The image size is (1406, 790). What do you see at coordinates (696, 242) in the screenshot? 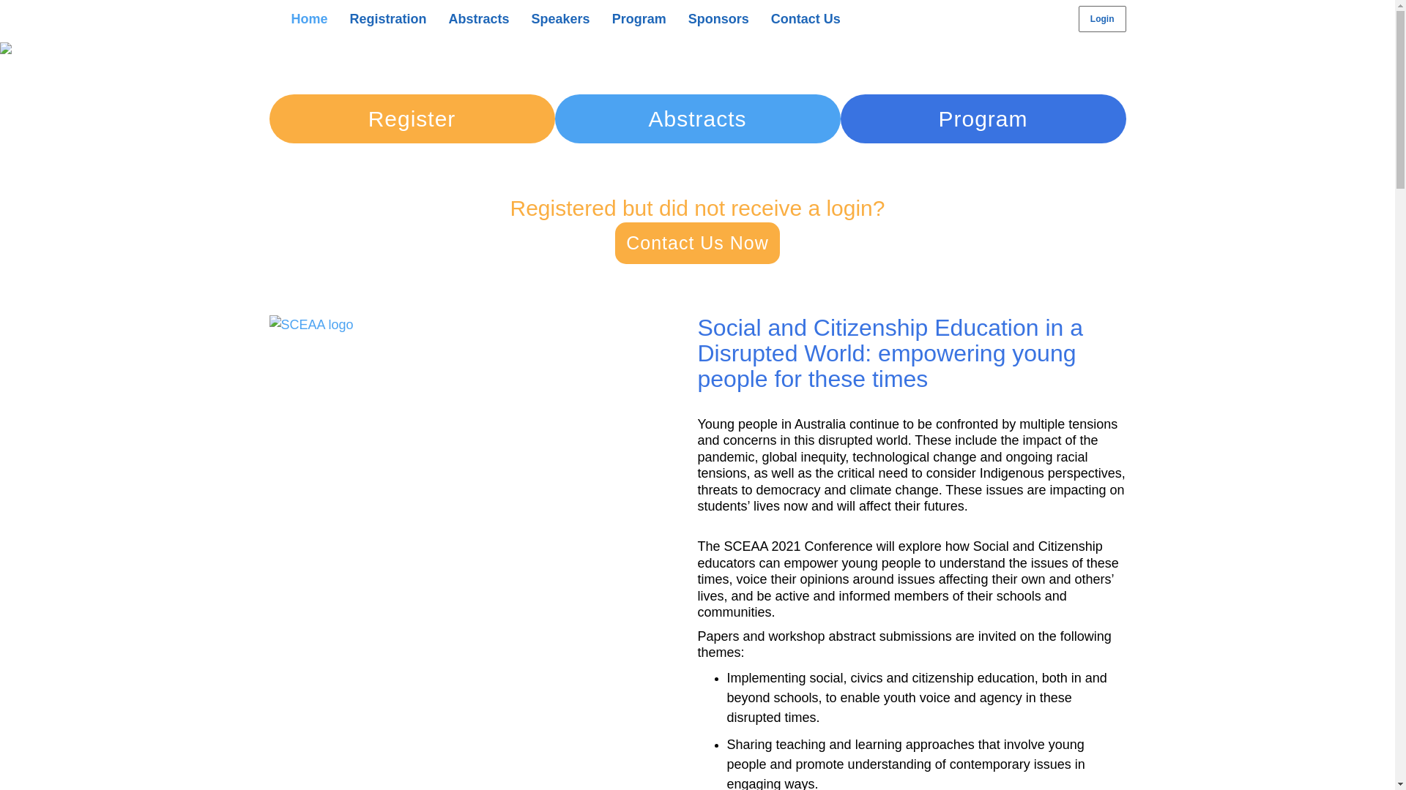
I see `'Contact Us Now'` at bounding box center [696, 242].